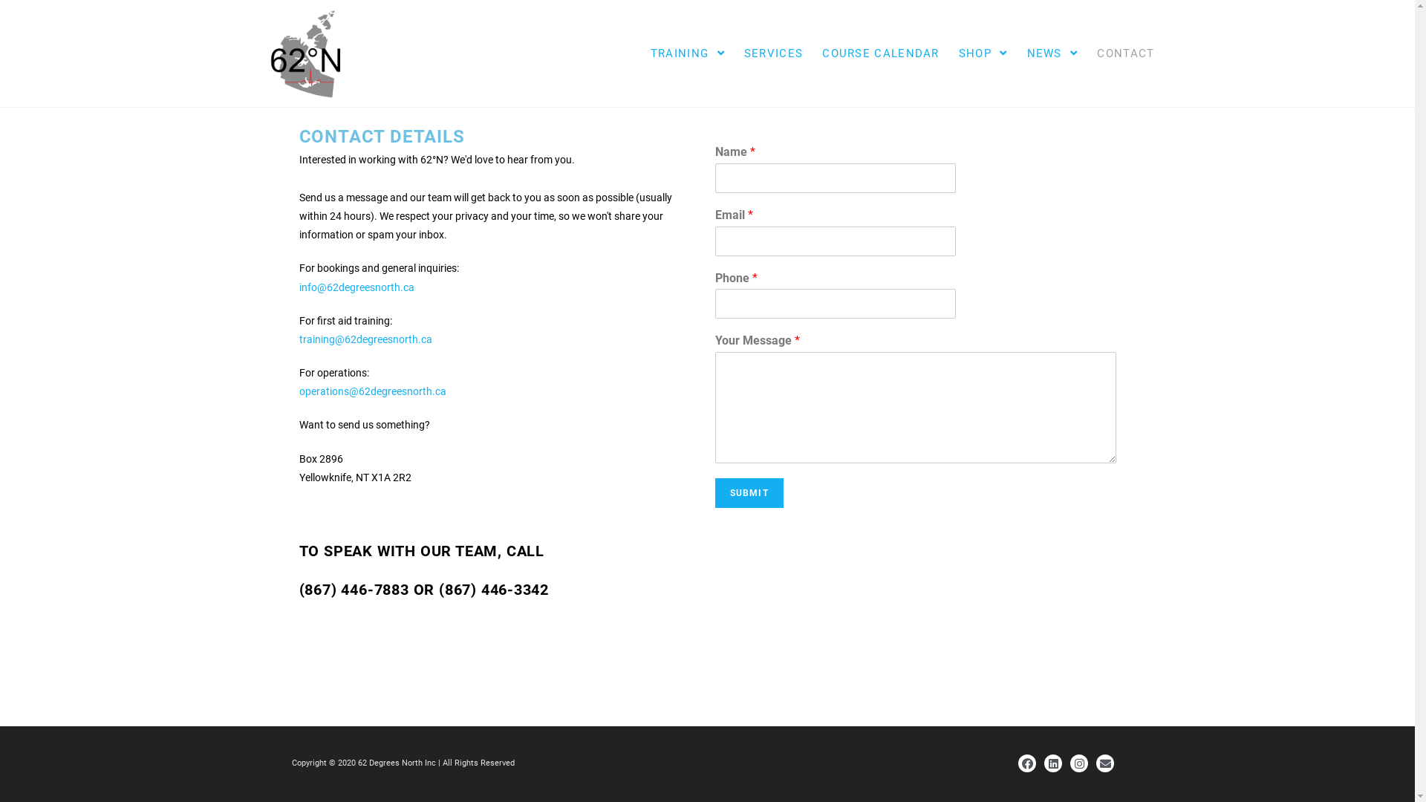 The height and width of the screenshot is (802, 1426). I want to click on 'COURSE CALENDAR', so click(880, 53).